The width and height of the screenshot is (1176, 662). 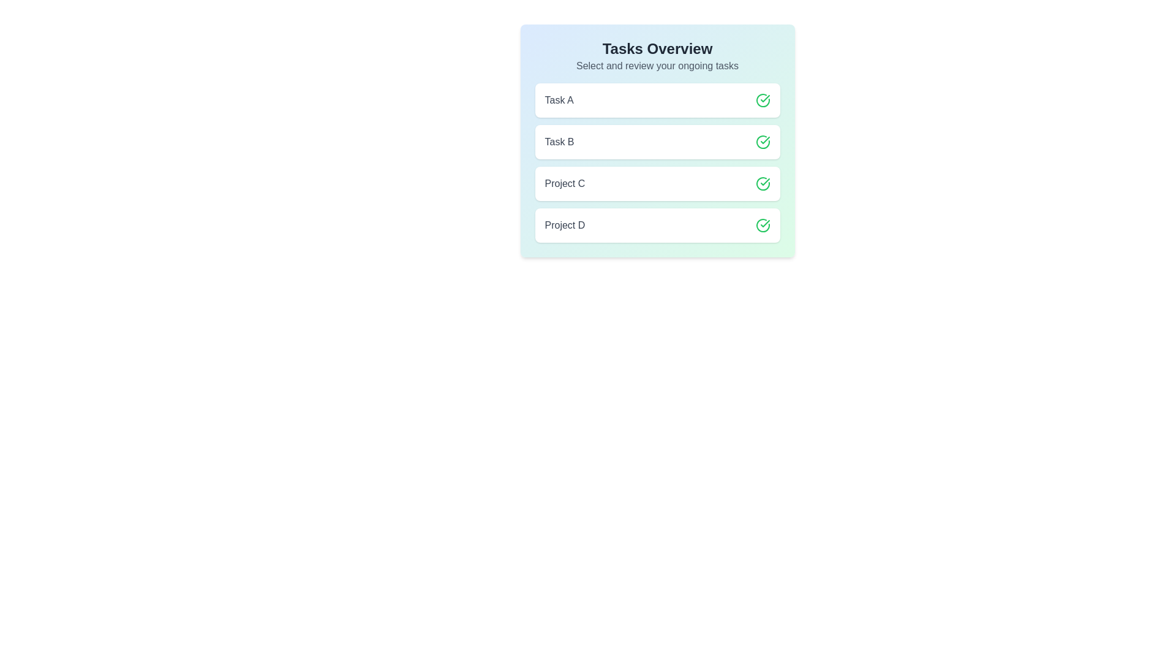 What do you see at coordinates (657, 225) in the screenshot?
I see `the item labeled Project D to observe style changes` at bounding box center [657, 225].